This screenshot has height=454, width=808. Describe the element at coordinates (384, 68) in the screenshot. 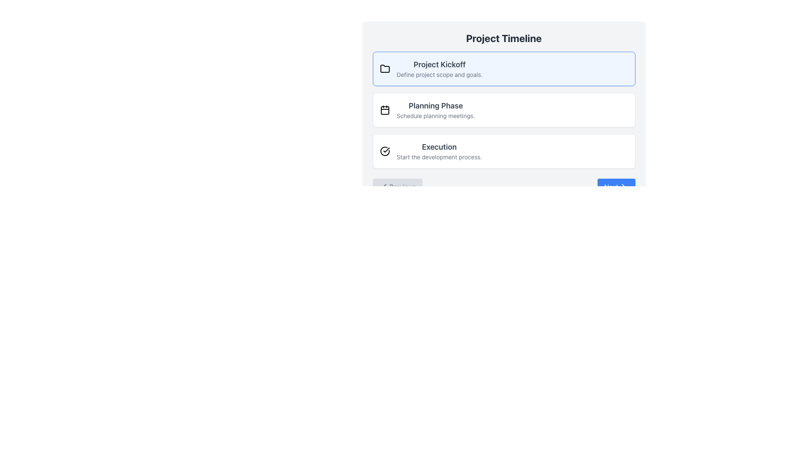

I see `the 'Project Kickoff' icon that visually represents associated files or related content in the 'Project Timeline', located at the top left of the list` at that location.